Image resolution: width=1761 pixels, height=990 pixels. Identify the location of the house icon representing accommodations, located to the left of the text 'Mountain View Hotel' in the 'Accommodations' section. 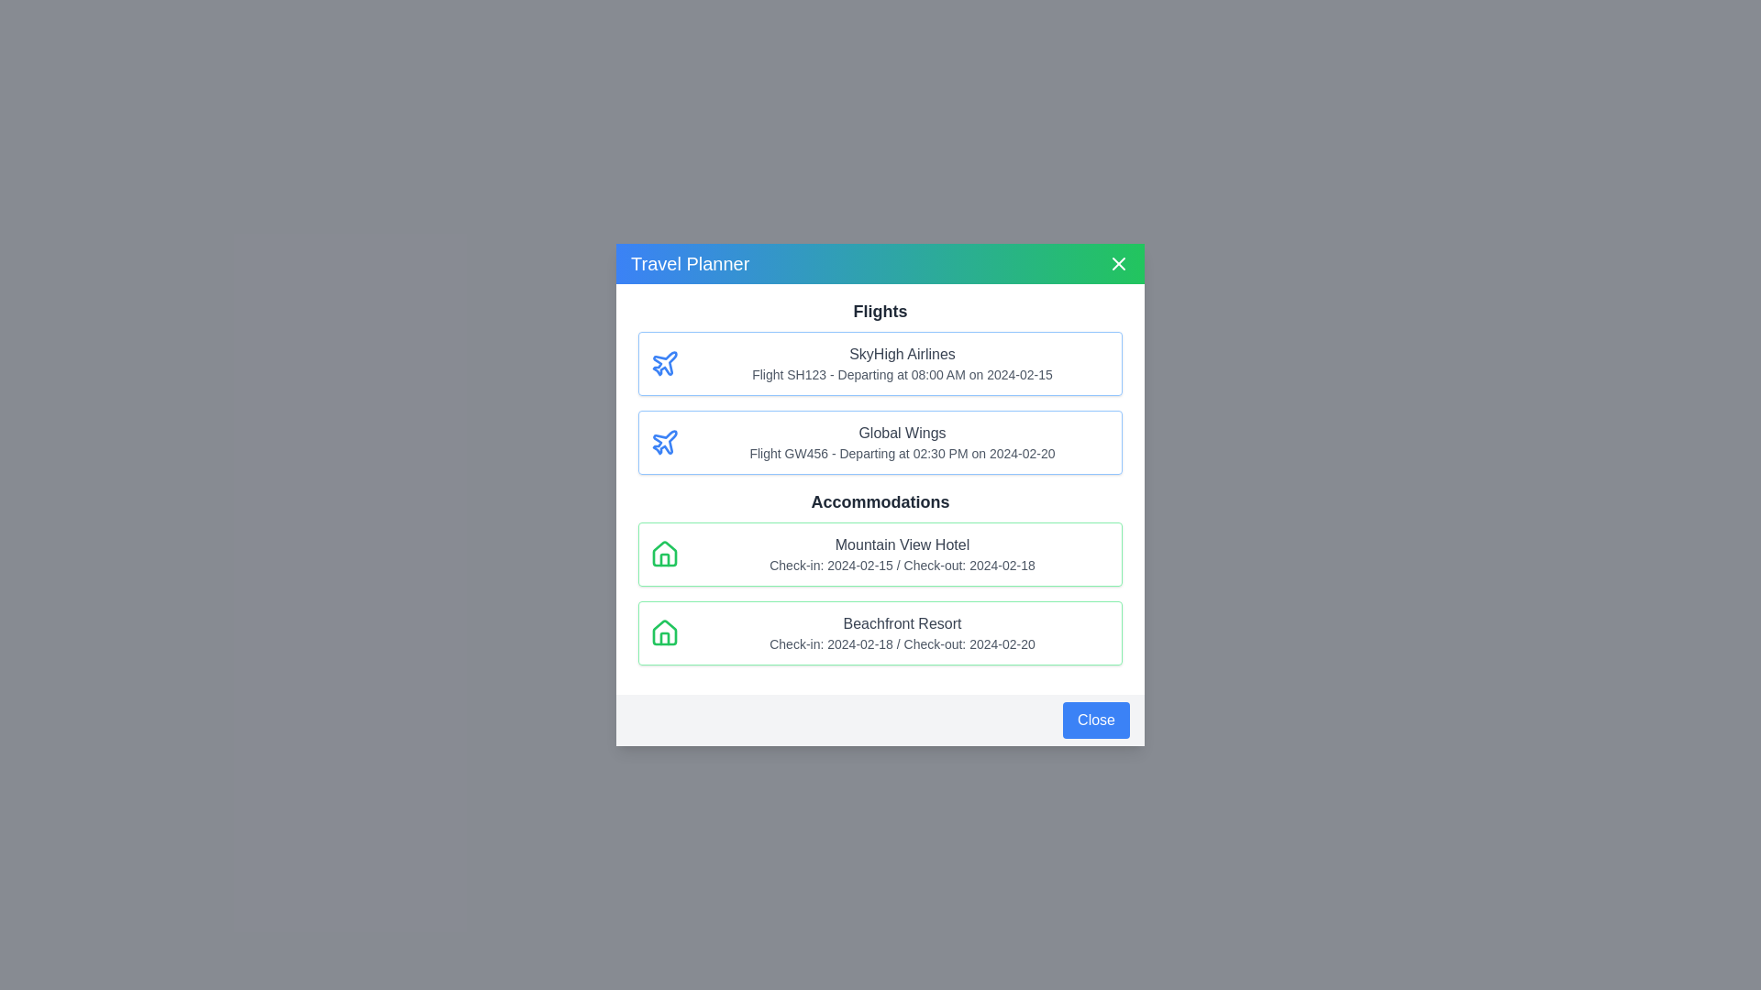
(663, 553).